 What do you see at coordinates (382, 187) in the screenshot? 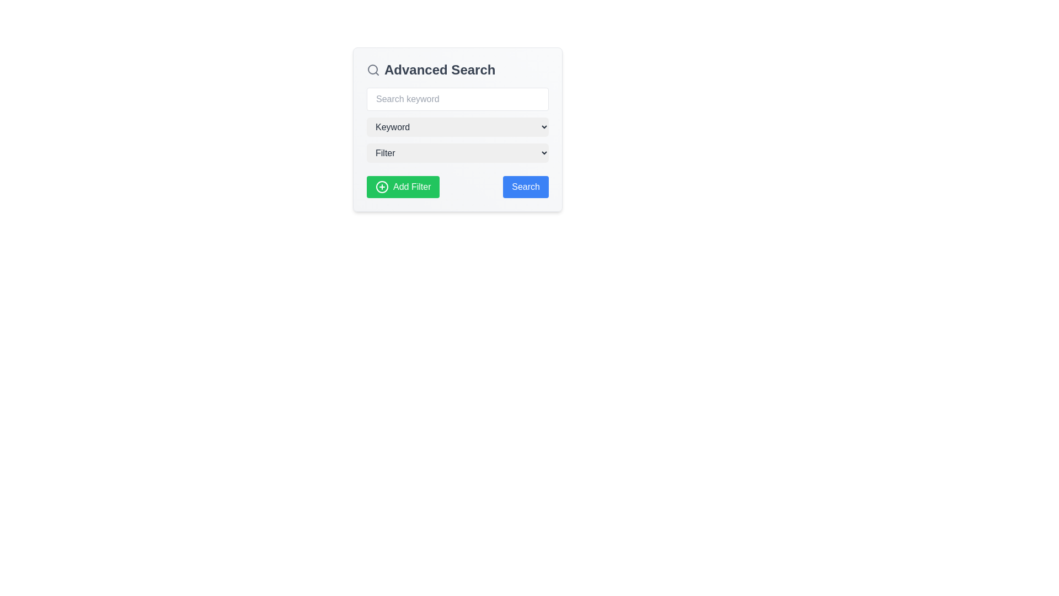
I see `the 'Add Filter' button by moving the cursor to the center of the decorative icon located inside the green rounded button` at bounding box center [382, 187].